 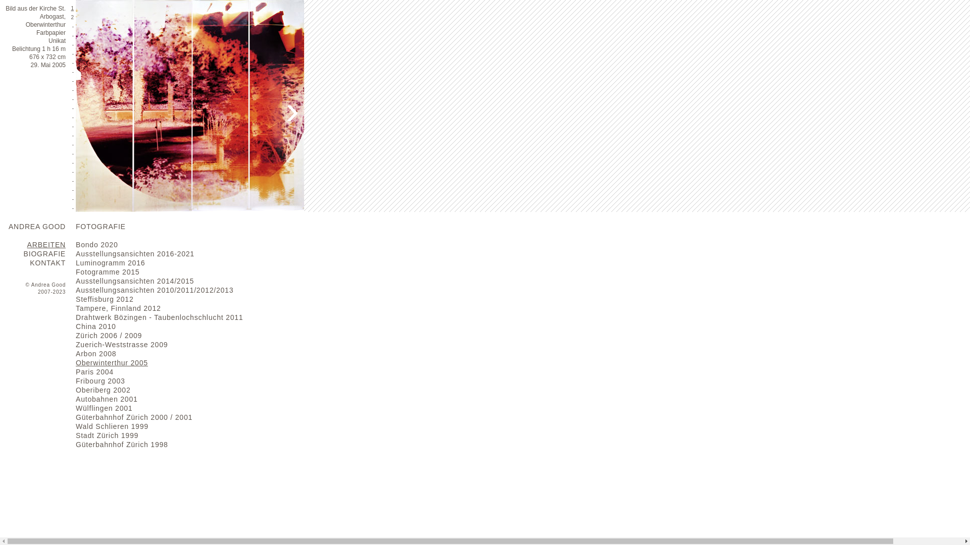 I want to click on 'Bondo 2020', so click(x=97, y=245).